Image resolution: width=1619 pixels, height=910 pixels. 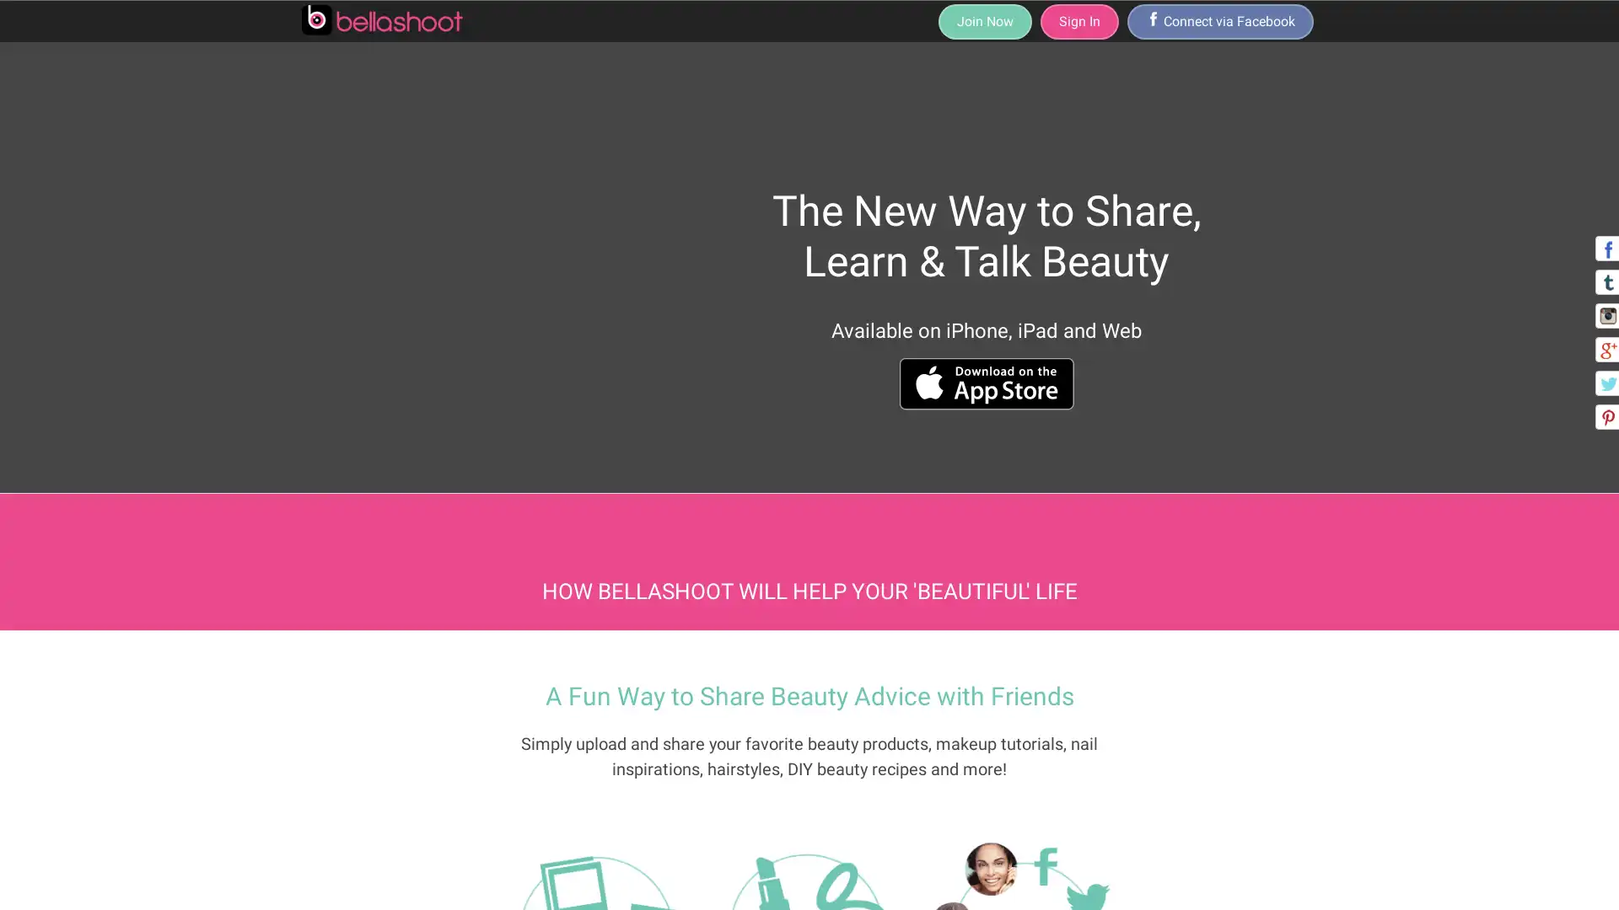 I want to click on / Connect via Facebook, so click(x=1219, y=22).